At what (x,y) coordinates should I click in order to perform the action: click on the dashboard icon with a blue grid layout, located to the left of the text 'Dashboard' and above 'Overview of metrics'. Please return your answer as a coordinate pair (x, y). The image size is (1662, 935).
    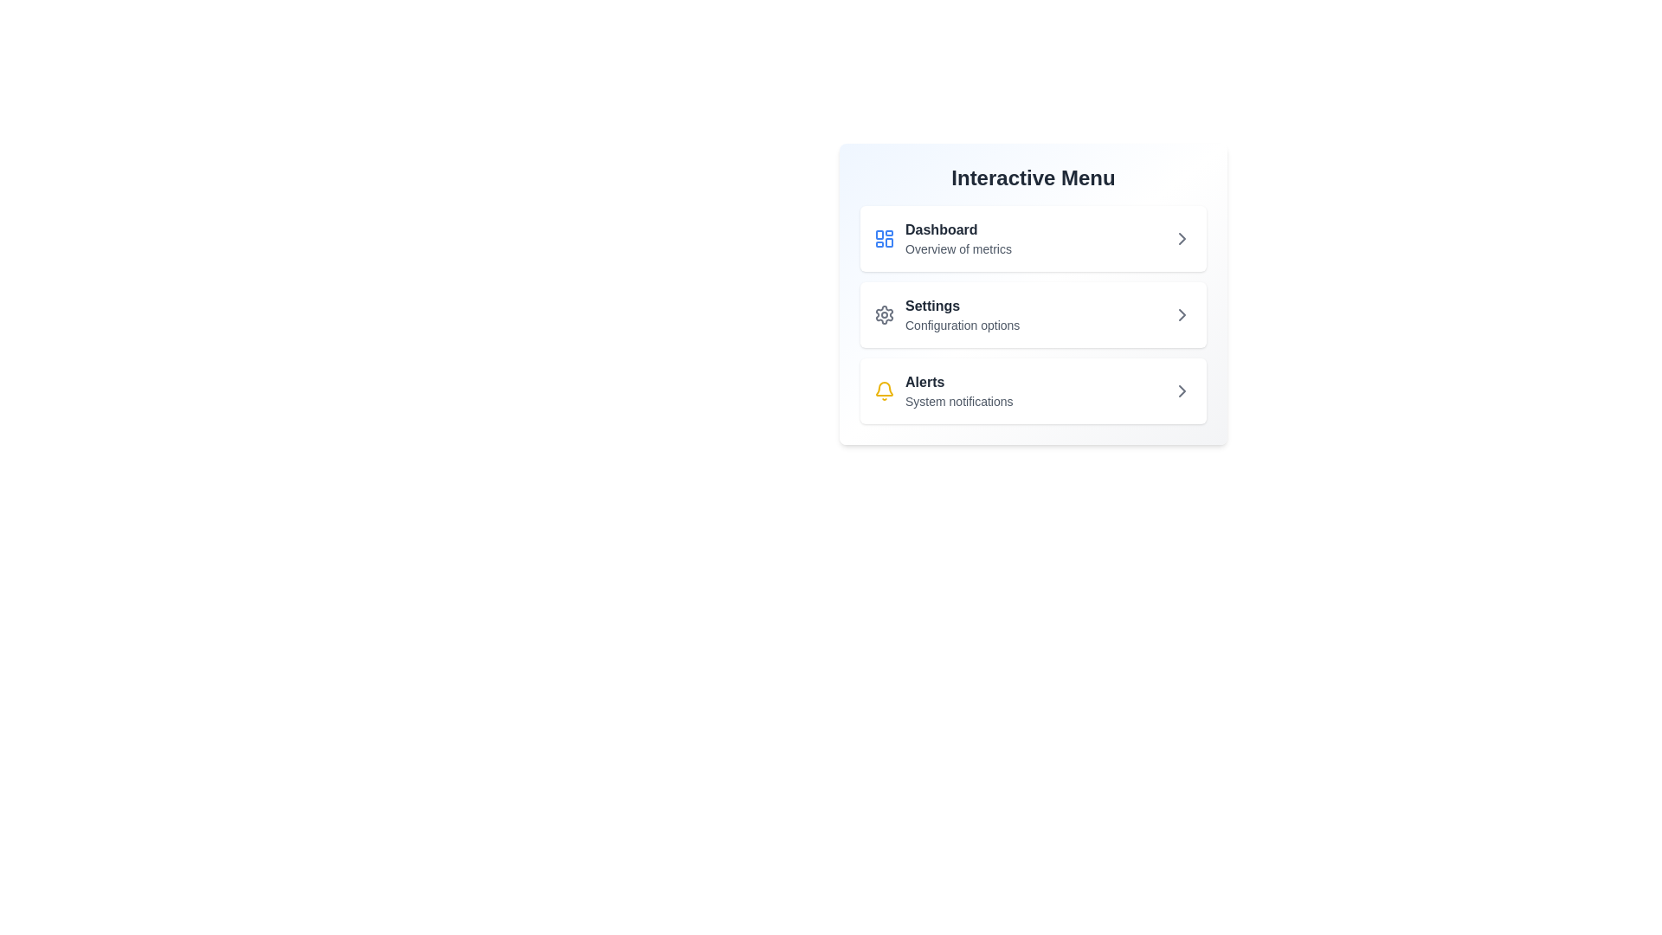
    Looking at the image, I should click on (885, 239).